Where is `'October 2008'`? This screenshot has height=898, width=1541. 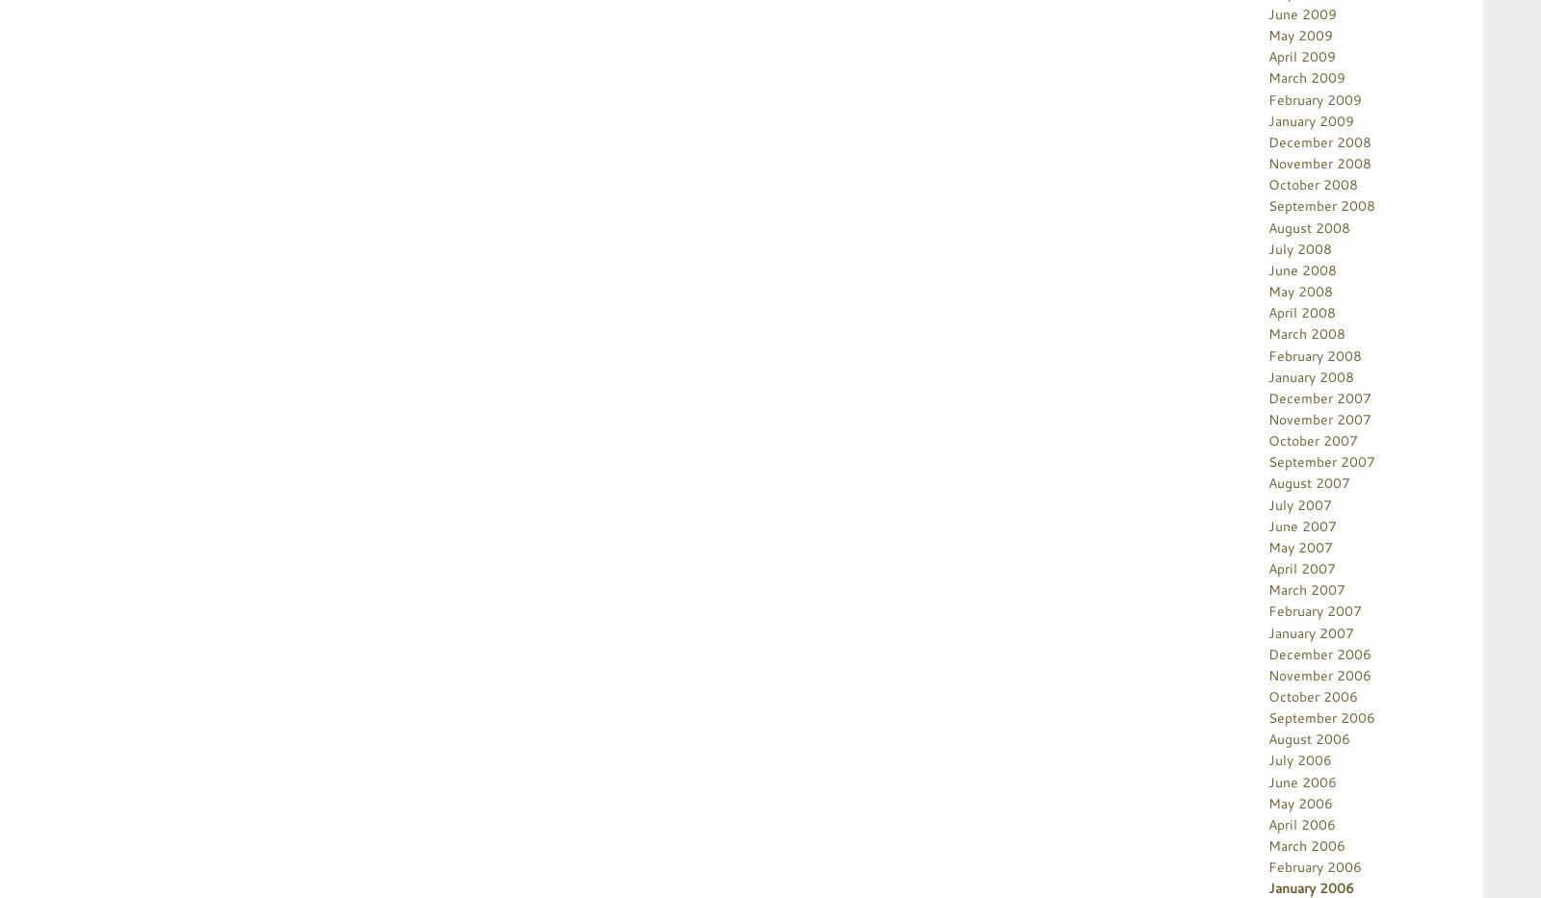
'October 2008' is located at coordinates (1312, 184).